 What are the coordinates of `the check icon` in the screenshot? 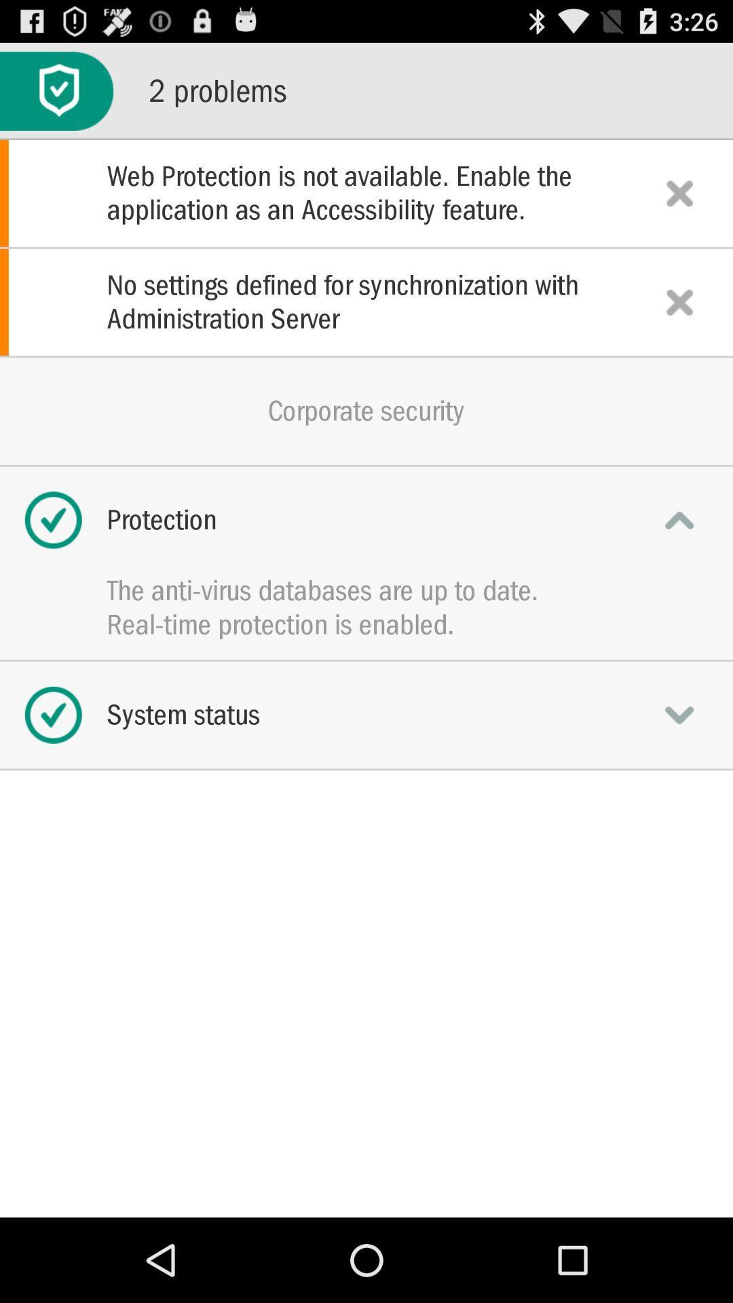 It's located at (56, 97).